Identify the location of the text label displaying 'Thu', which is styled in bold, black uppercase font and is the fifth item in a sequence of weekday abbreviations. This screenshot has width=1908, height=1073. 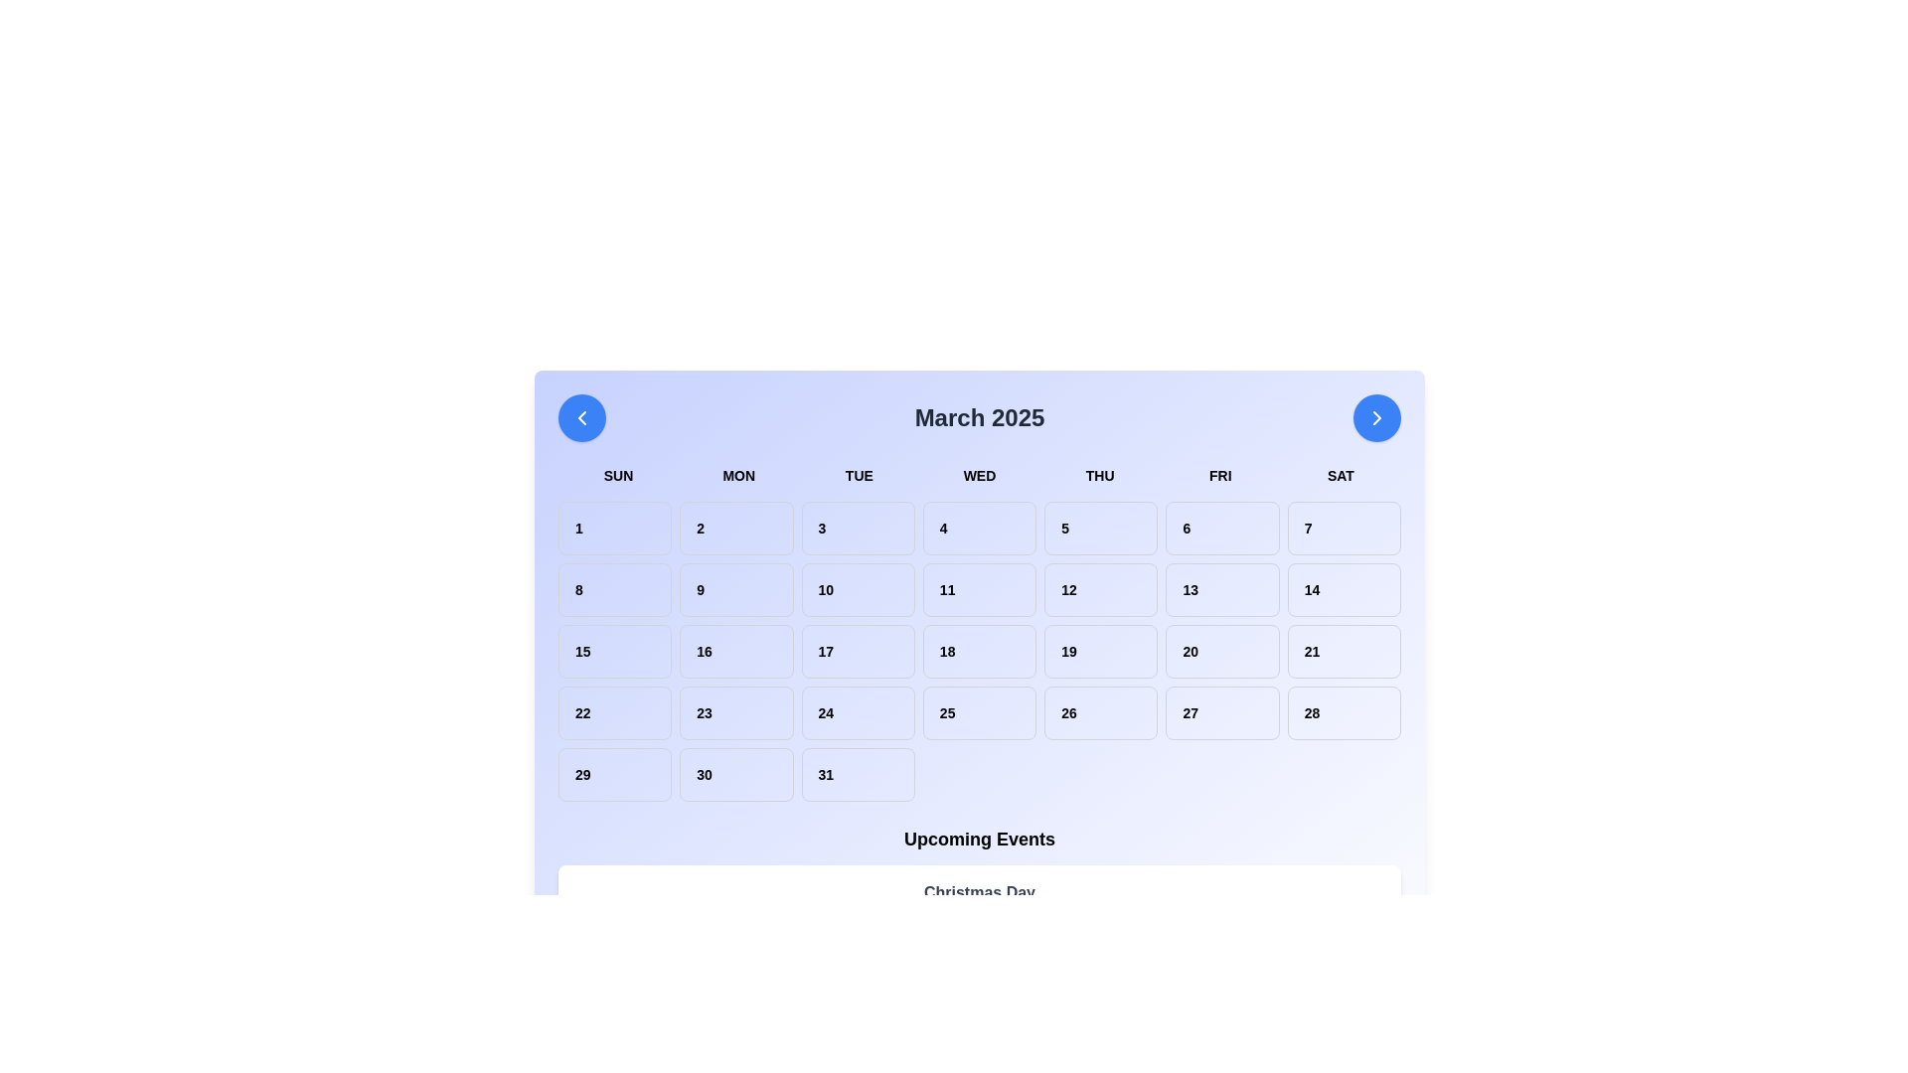
(1099, 475).